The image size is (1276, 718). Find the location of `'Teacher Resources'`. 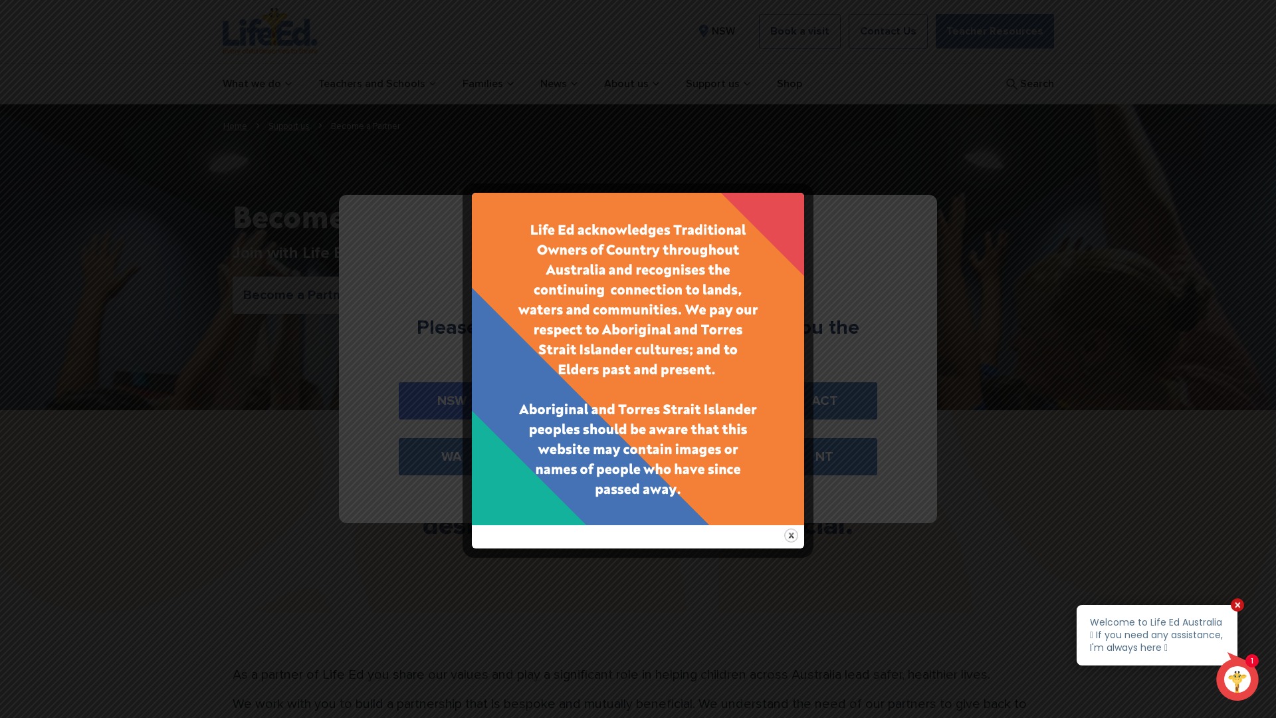

'Teacher Resources' is located at coordinates (934, 30).